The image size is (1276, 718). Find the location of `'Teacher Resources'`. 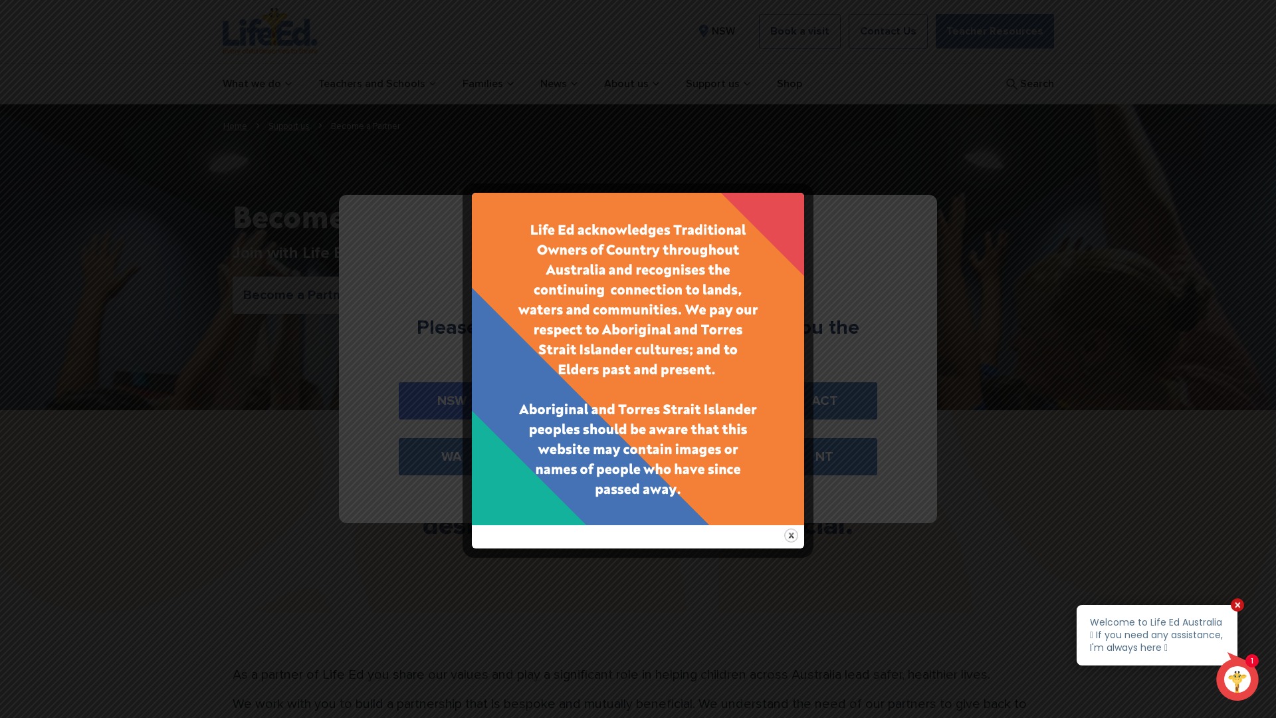

'Teacher Resources' is located at coordinates (934, 30).